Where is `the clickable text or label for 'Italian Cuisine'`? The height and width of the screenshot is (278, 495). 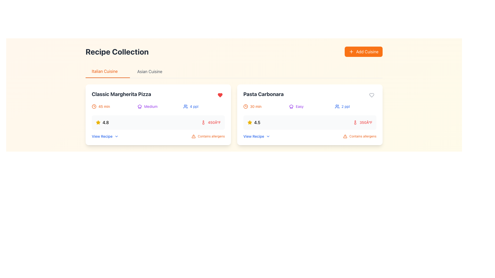 the clickable text or label for 'Italian Cuisine' is located at coordinates (108, 71).